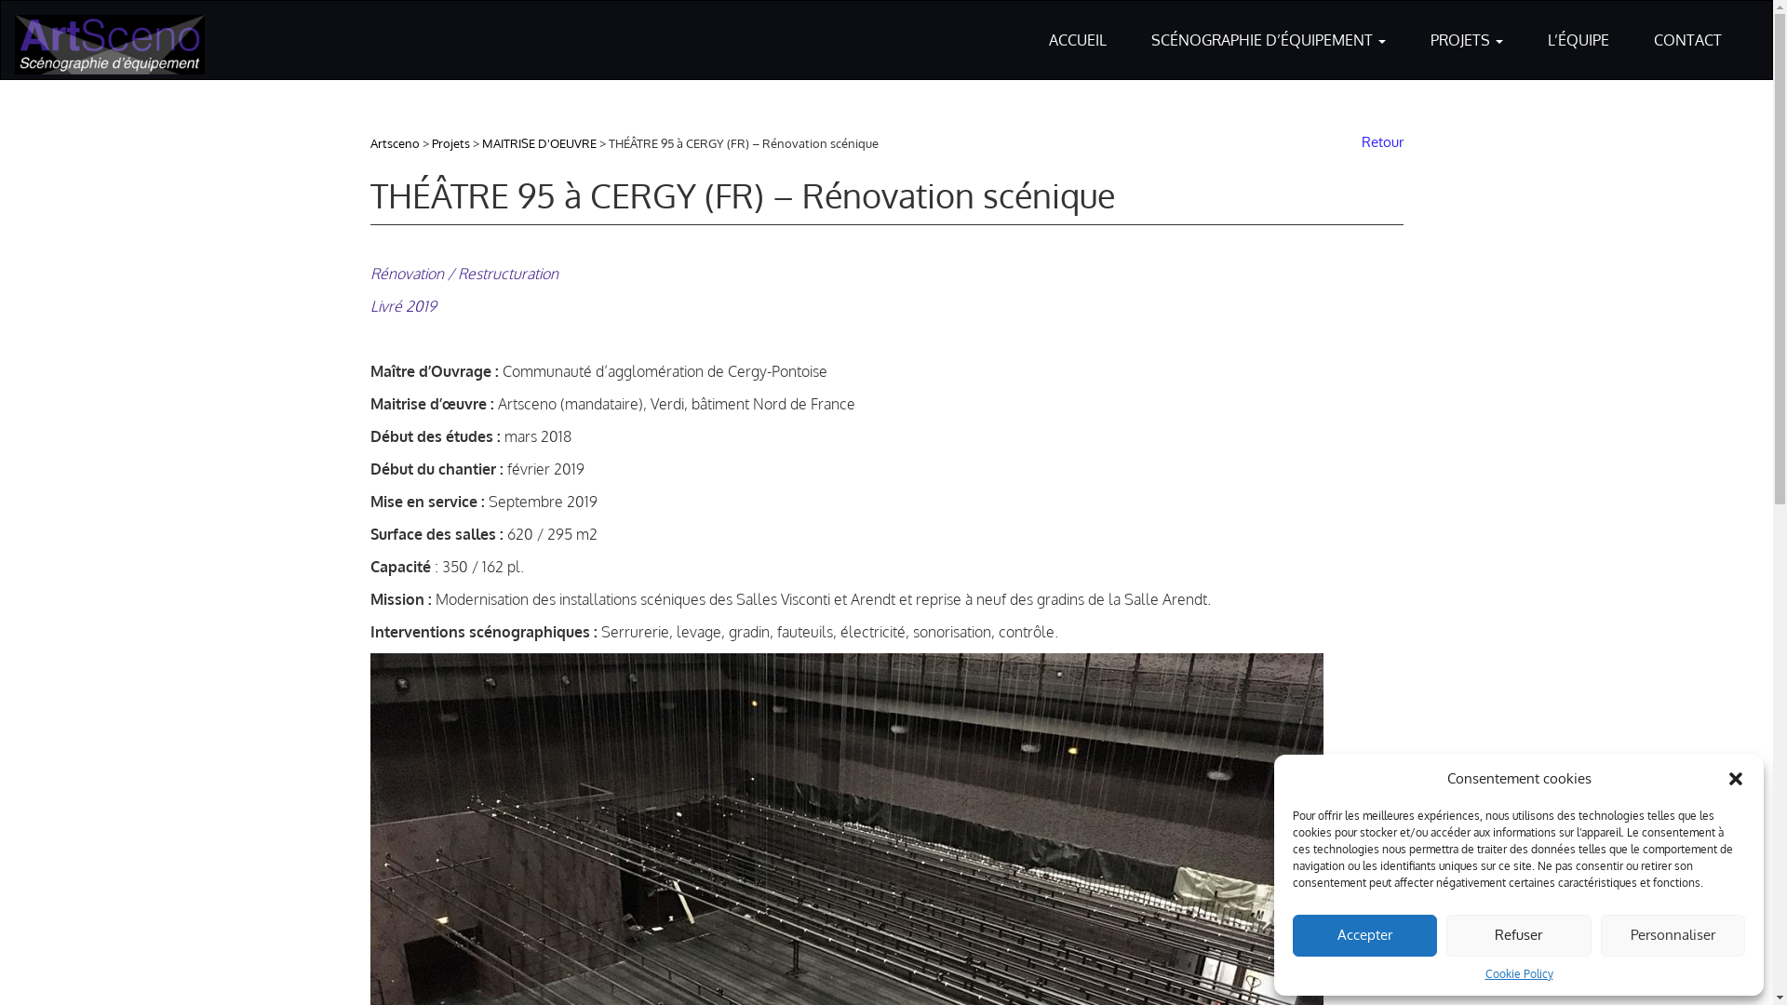 The image size is (1787, 1005). I want to click on 'CONTACT', so click(1687, 28).